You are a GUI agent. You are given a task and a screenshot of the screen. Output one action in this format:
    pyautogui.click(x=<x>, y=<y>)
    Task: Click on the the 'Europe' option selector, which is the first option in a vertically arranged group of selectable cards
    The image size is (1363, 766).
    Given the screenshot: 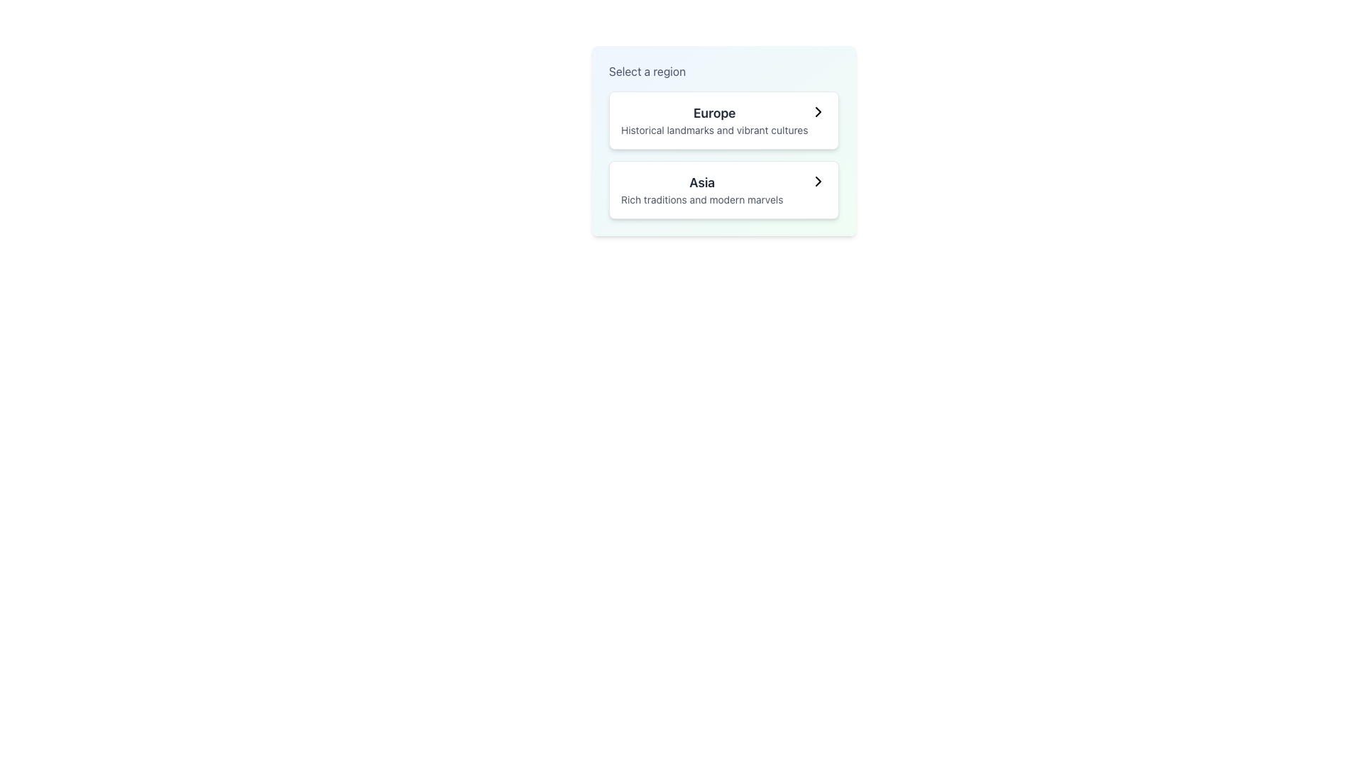 What is the action you would take?
    pyautogui.click(x=723, y=119)
    